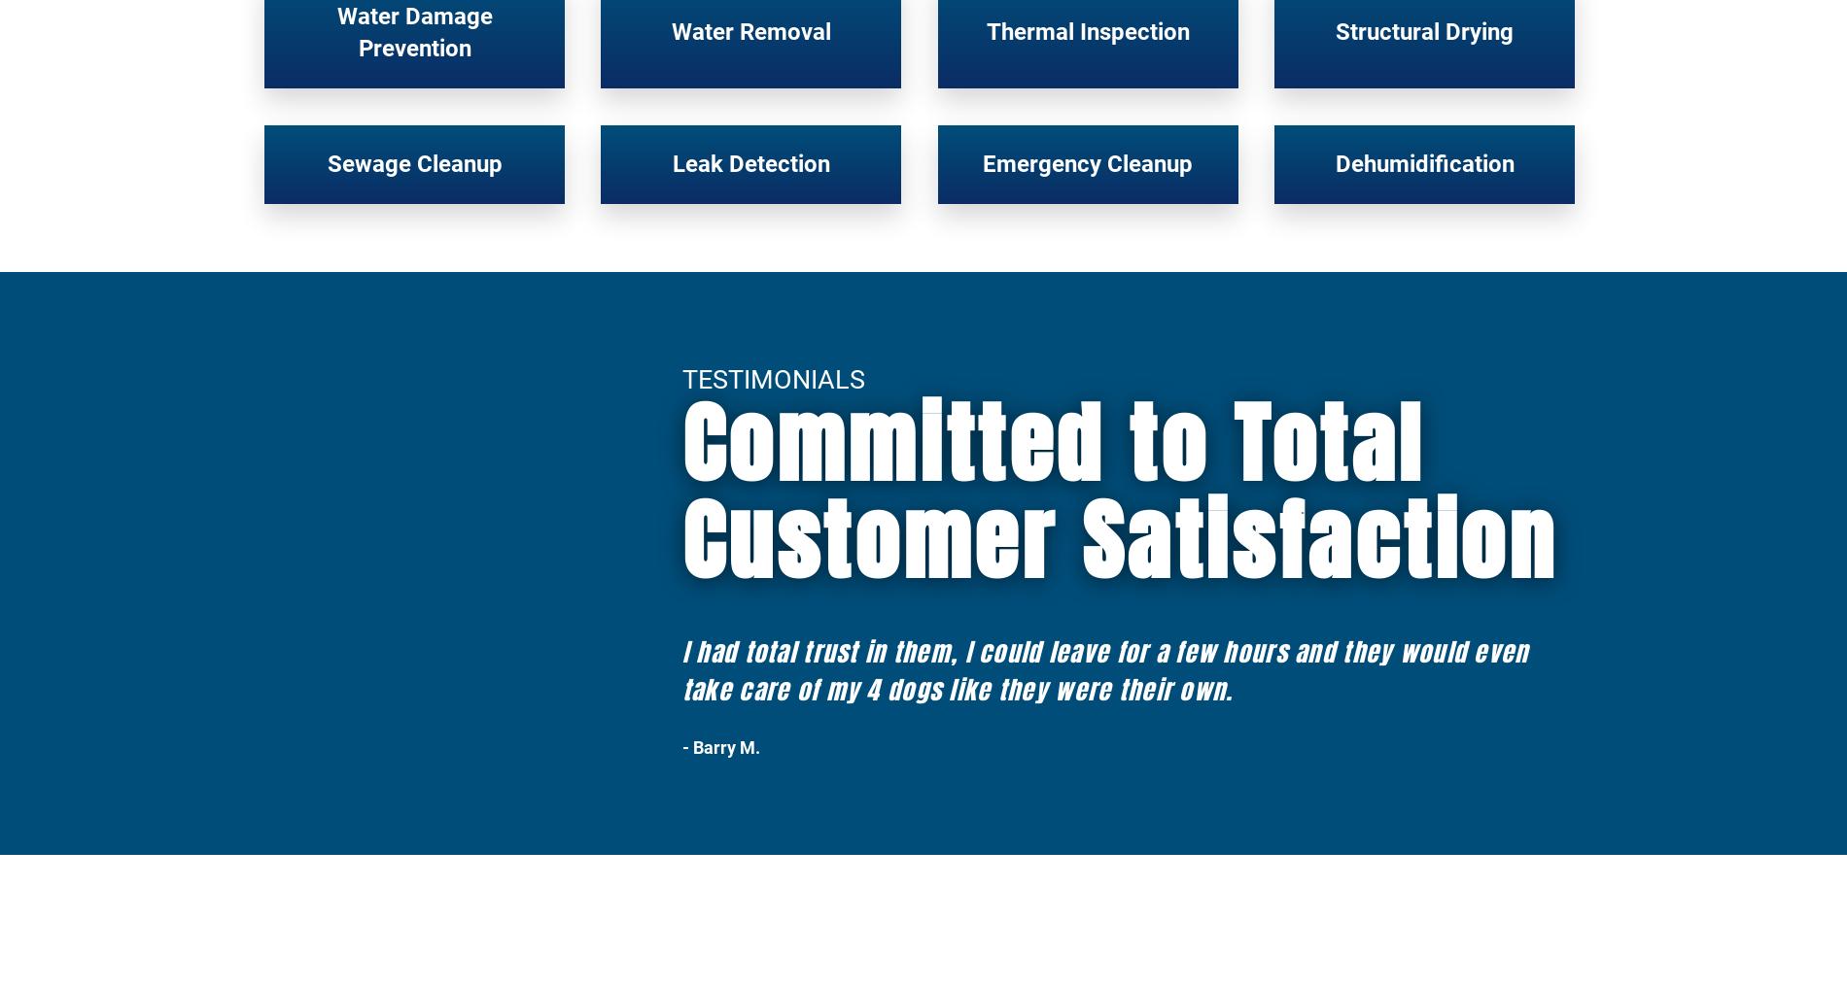 The width and height of the screenshot is (1847, 987). Describe the element at coordinates (1347, 539) in the screenshot. I see `'26th Ct. East'` at that location.